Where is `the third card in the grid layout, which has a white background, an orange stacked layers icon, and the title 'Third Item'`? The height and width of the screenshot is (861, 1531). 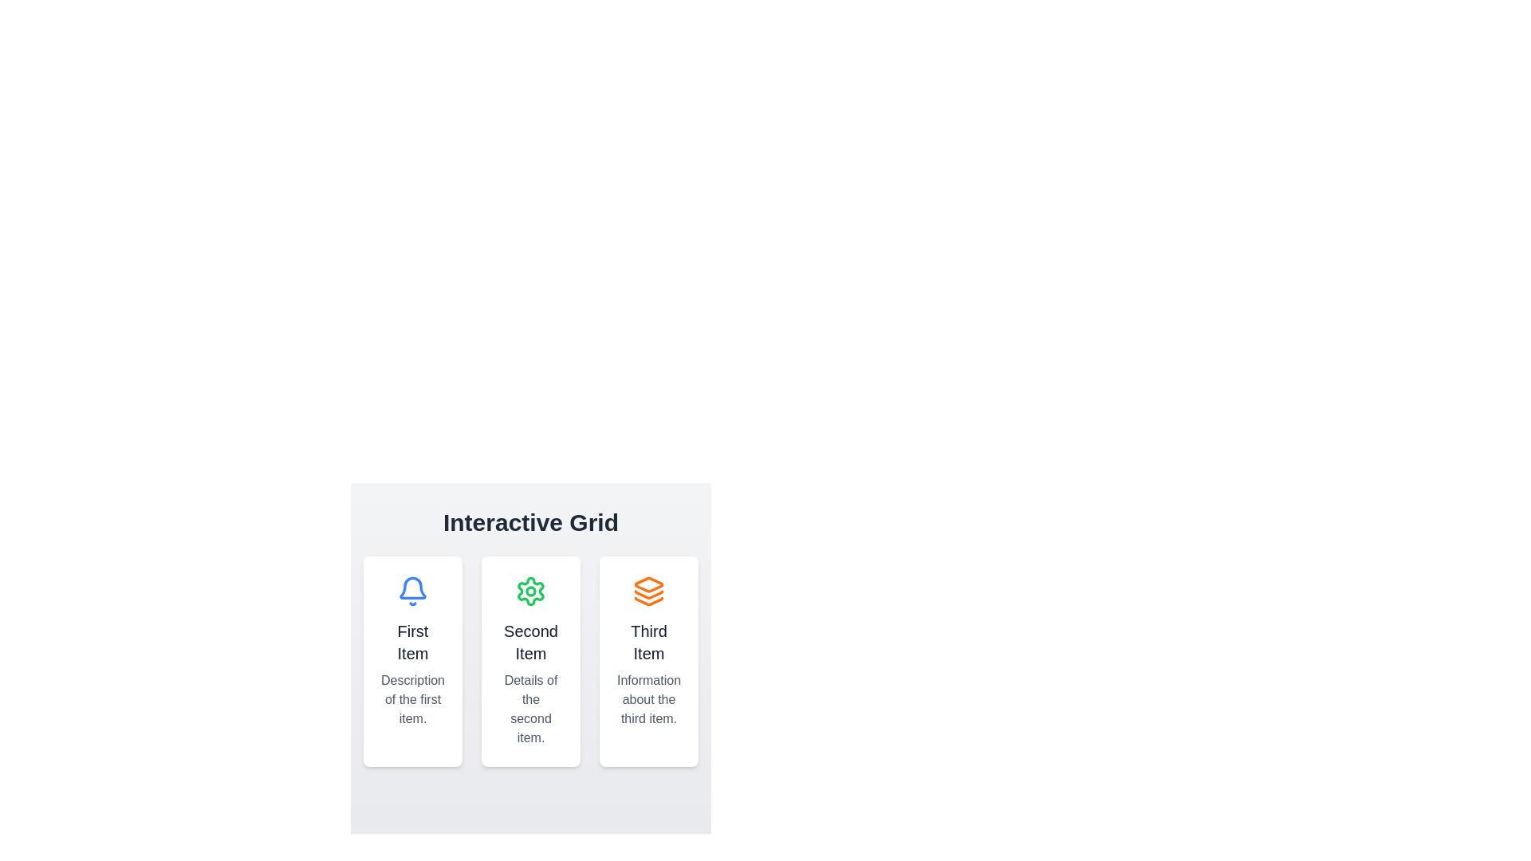 the third card in the grid layout, which has a white background, an orange stacked layers icon, and the title 'Third Item' is located at coordinates (649, 661).